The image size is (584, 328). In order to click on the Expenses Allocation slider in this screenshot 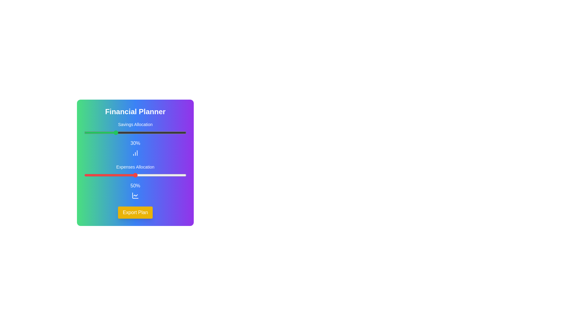, I will do `click(140, 175)`.